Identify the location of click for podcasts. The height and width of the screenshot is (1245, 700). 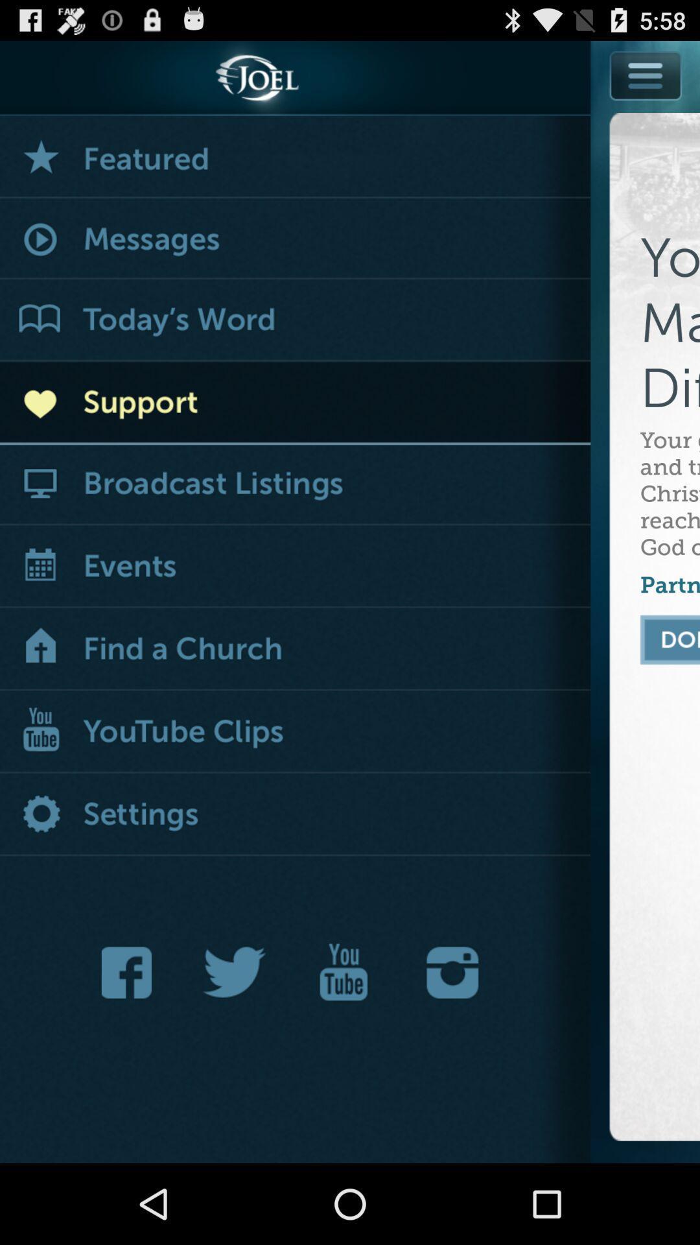
(295, 484).